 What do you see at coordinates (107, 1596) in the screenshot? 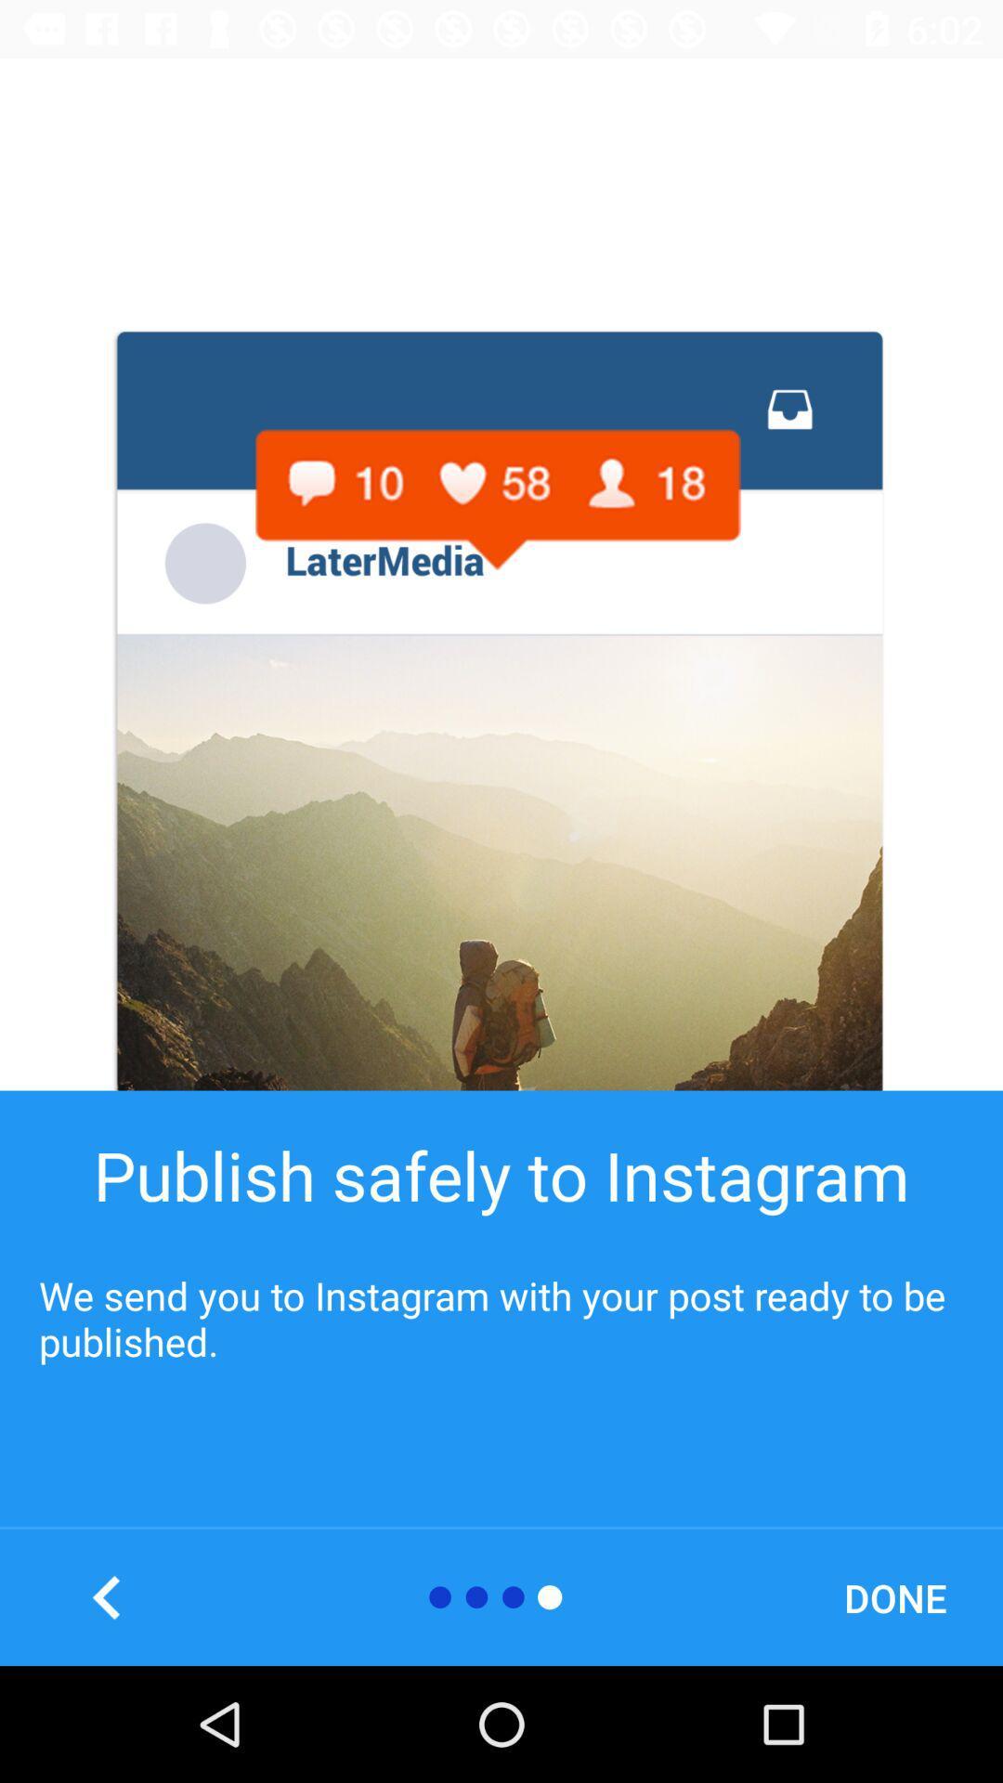
I see `the arrow_backward icon` at bounding box center [107, 1596].